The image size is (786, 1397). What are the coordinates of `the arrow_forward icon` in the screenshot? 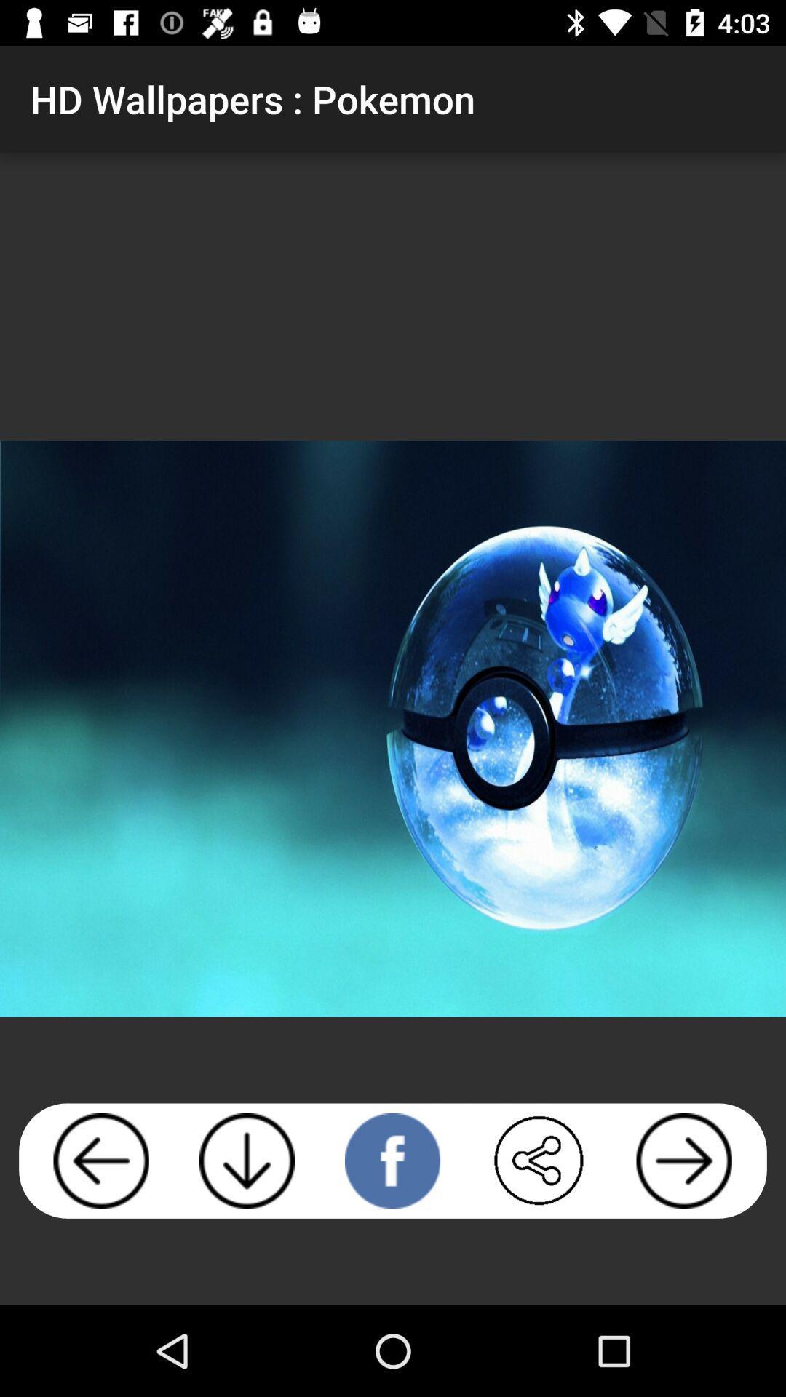 It's located at (684, 1160).